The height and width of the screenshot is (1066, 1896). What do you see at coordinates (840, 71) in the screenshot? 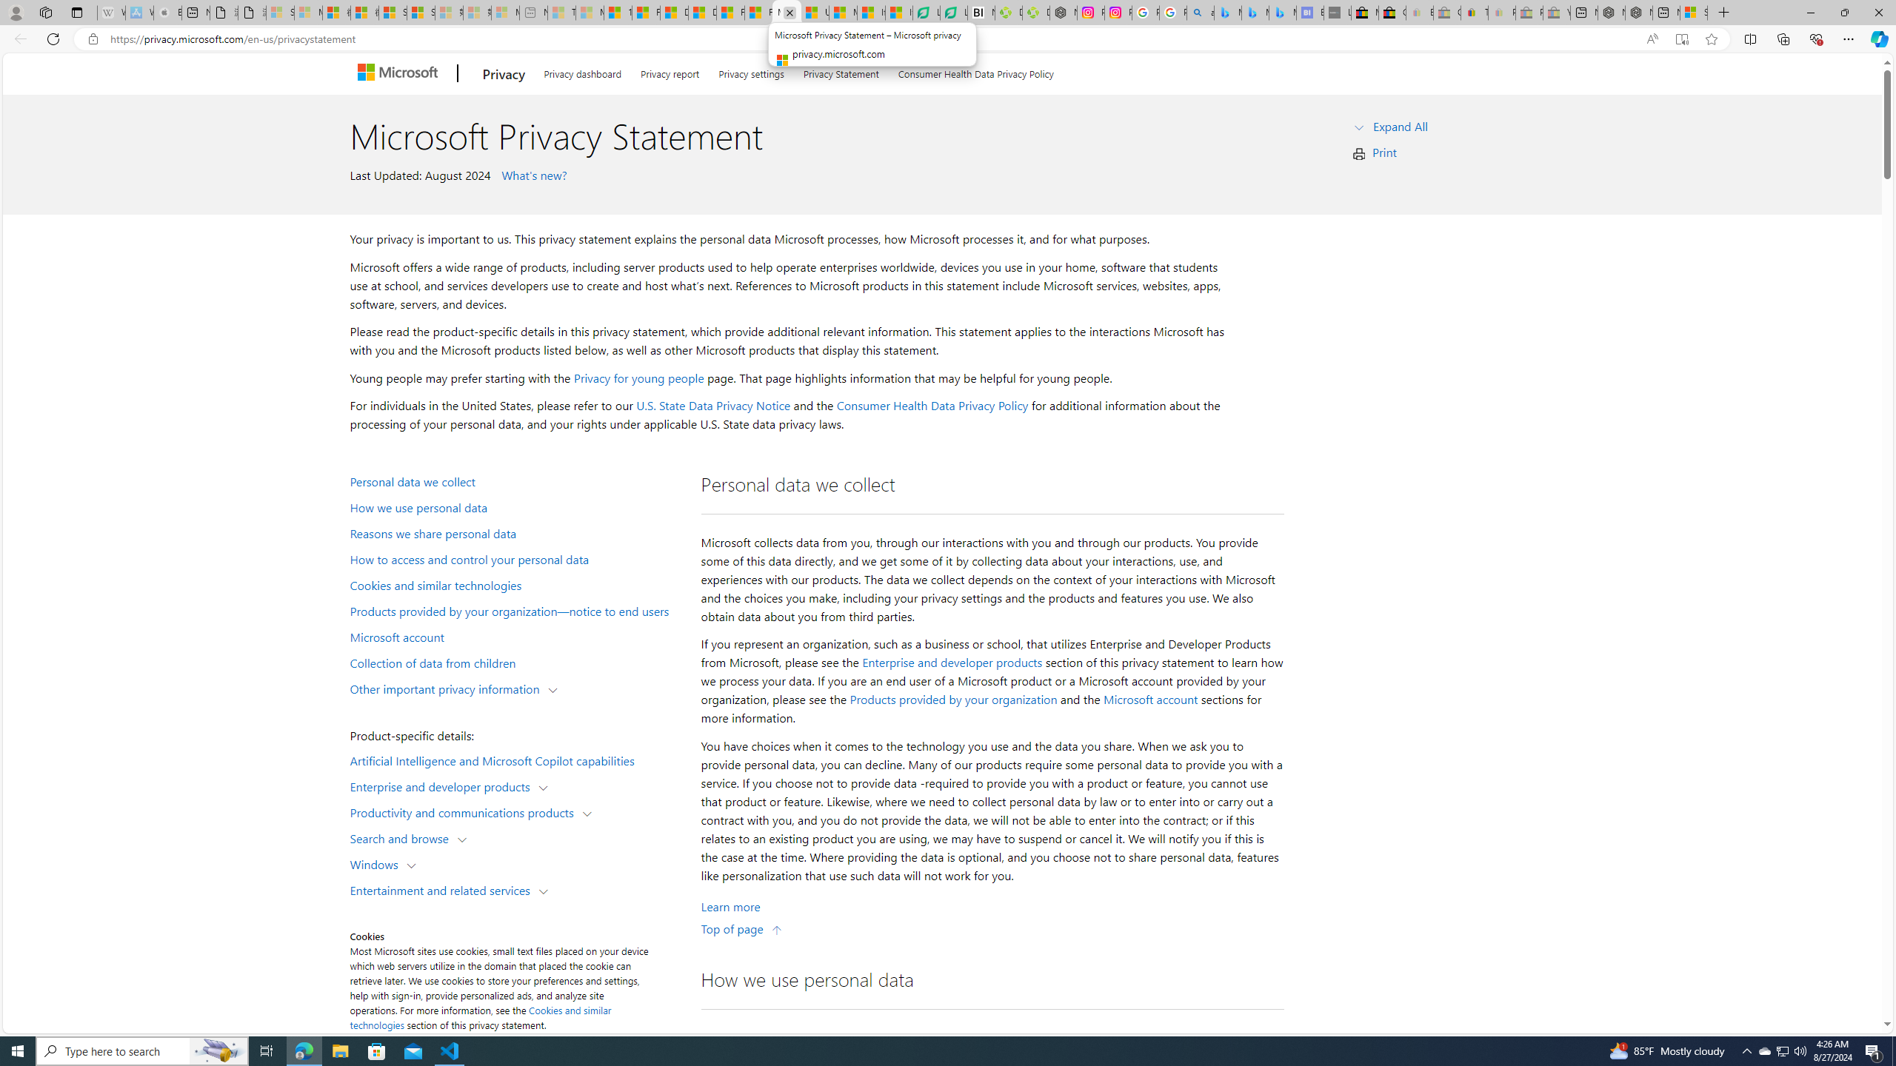
I see `'Privacy Statement'` at bounding box center [840, 71].